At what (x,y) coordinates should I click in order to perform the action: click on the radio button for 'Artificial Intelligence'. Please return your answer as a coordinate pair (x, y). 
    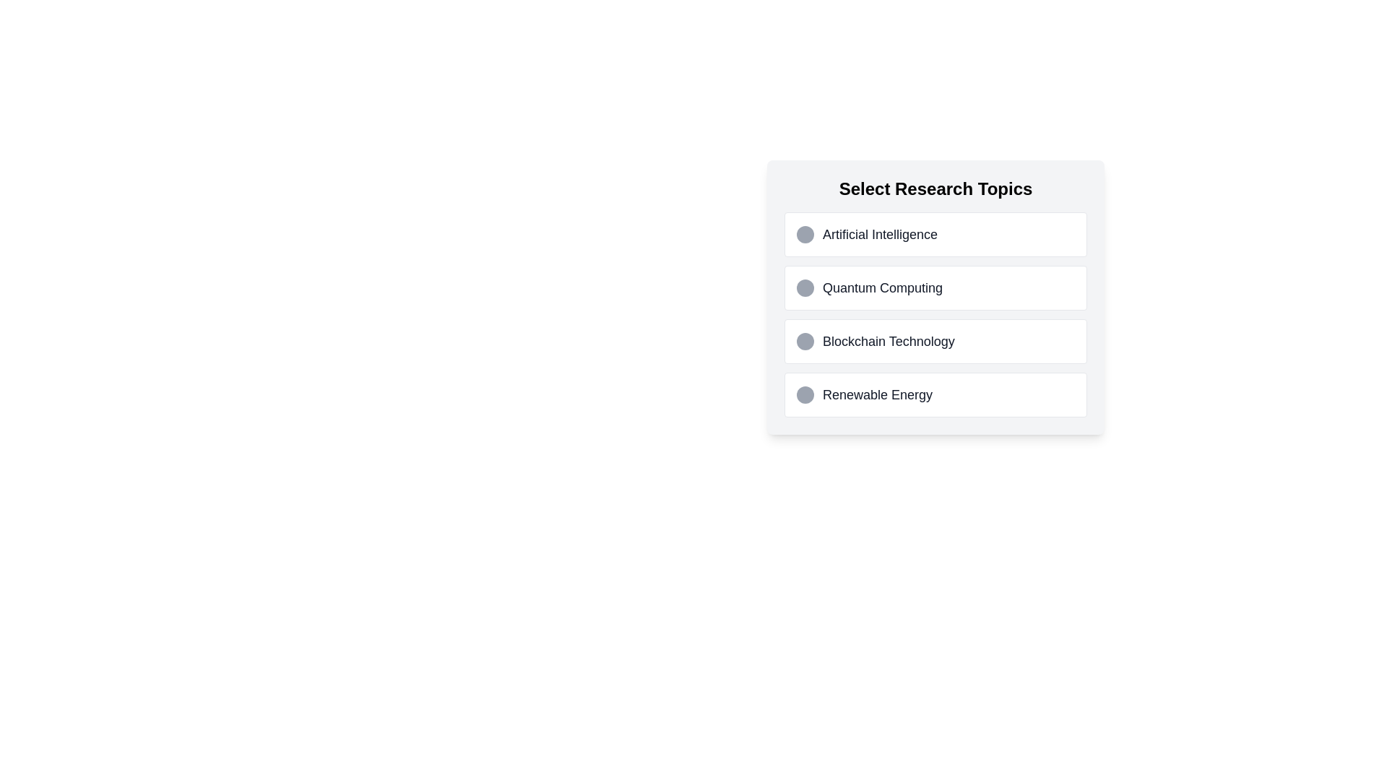
    Looking at the image, I should click on (804, 233).